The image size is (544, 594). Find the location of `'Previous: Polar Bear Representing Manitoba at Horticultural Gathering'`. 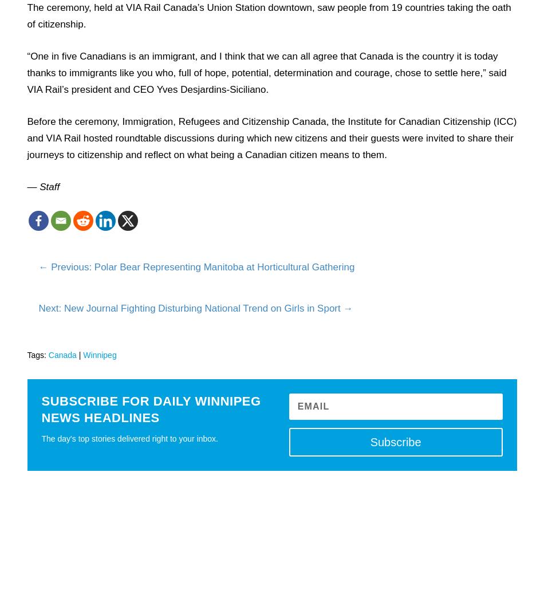

'Previous: Polar Bear Representing Manitoba at Horticultural Gathering' is located at coordinates (51, 266).